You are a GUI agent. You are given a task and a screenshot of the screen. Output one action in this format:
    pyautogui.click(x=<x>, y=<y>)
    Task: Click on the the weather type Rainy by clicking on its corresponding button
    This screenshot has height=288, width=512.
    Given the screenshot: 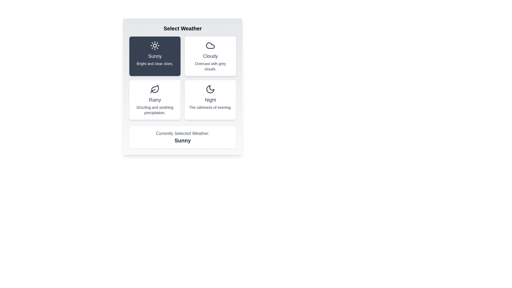 What is the action you would take?
    pyautogui.click(x=154, y=100)
    